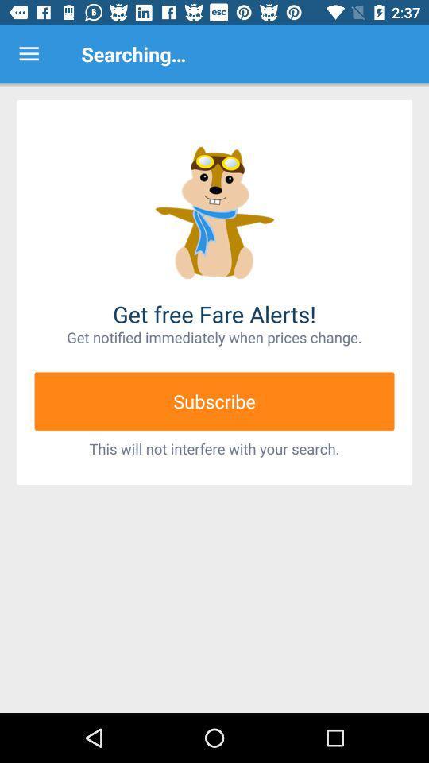 The height and width of the screenshot is (763, 429). What do you see at coordinates (214, 401) in the screenshot?
I see `item below get notified immediately item` at bounding box center [214, 401].